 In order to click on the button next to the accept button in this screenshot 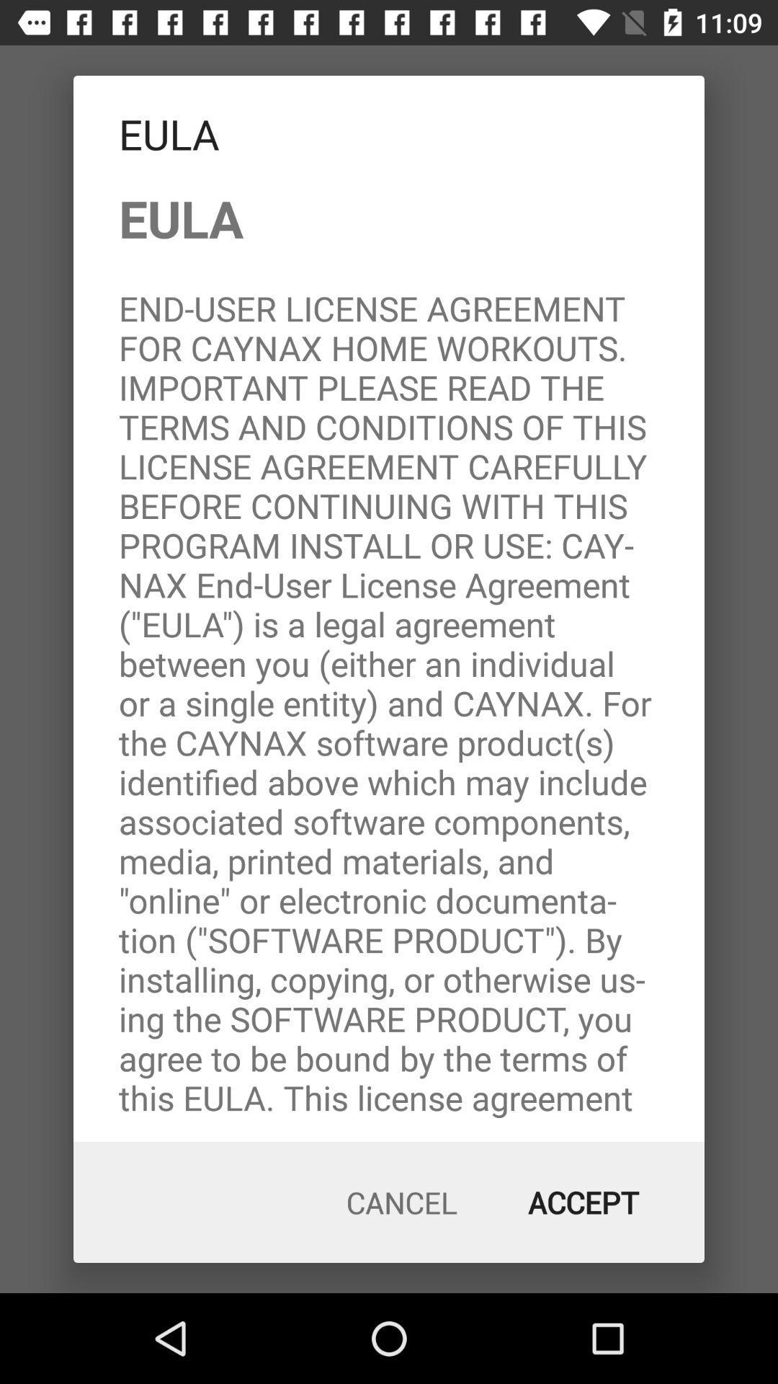, I will do `click(402, 1202)`.